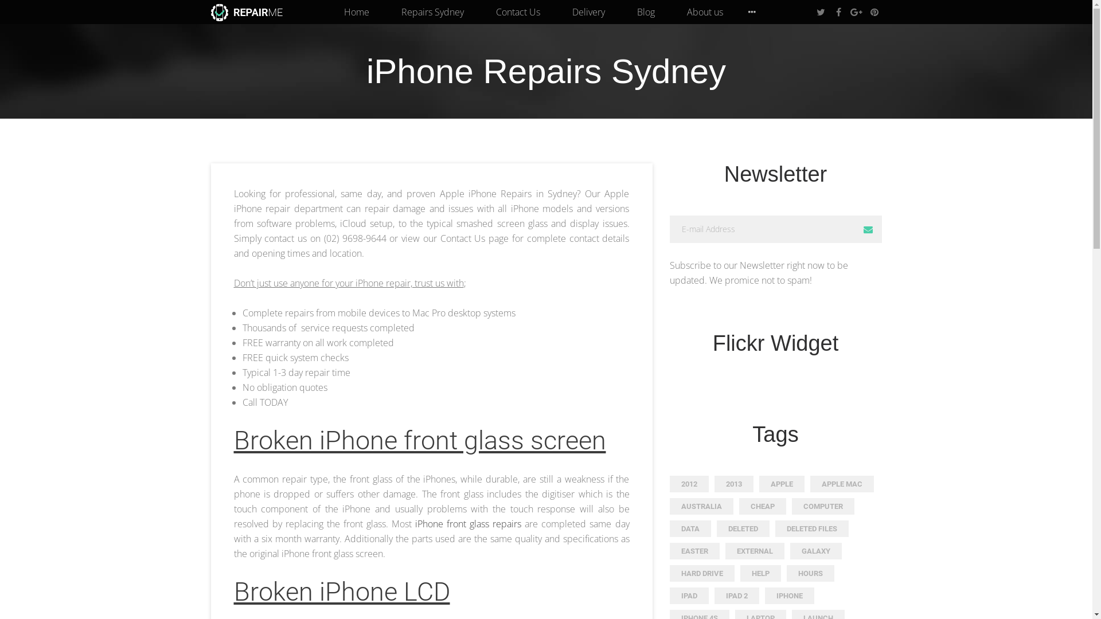 Image resolution: width=1101 pixels, height=619 pixels. I want to click on '2012', so click(688, 484).